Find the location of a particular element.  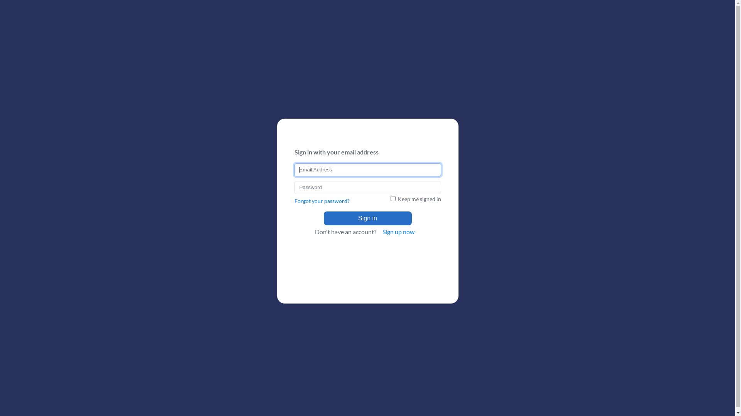

'Sign in' is located at coordinates (367, 218).